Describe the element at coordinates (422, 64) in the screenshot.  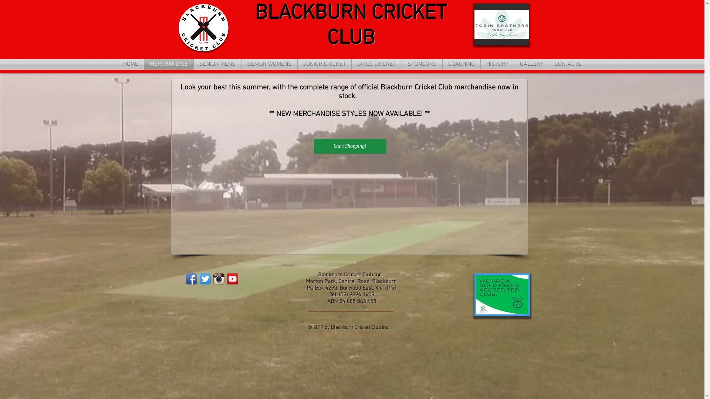
I see `'SPONSORS'` at that location.